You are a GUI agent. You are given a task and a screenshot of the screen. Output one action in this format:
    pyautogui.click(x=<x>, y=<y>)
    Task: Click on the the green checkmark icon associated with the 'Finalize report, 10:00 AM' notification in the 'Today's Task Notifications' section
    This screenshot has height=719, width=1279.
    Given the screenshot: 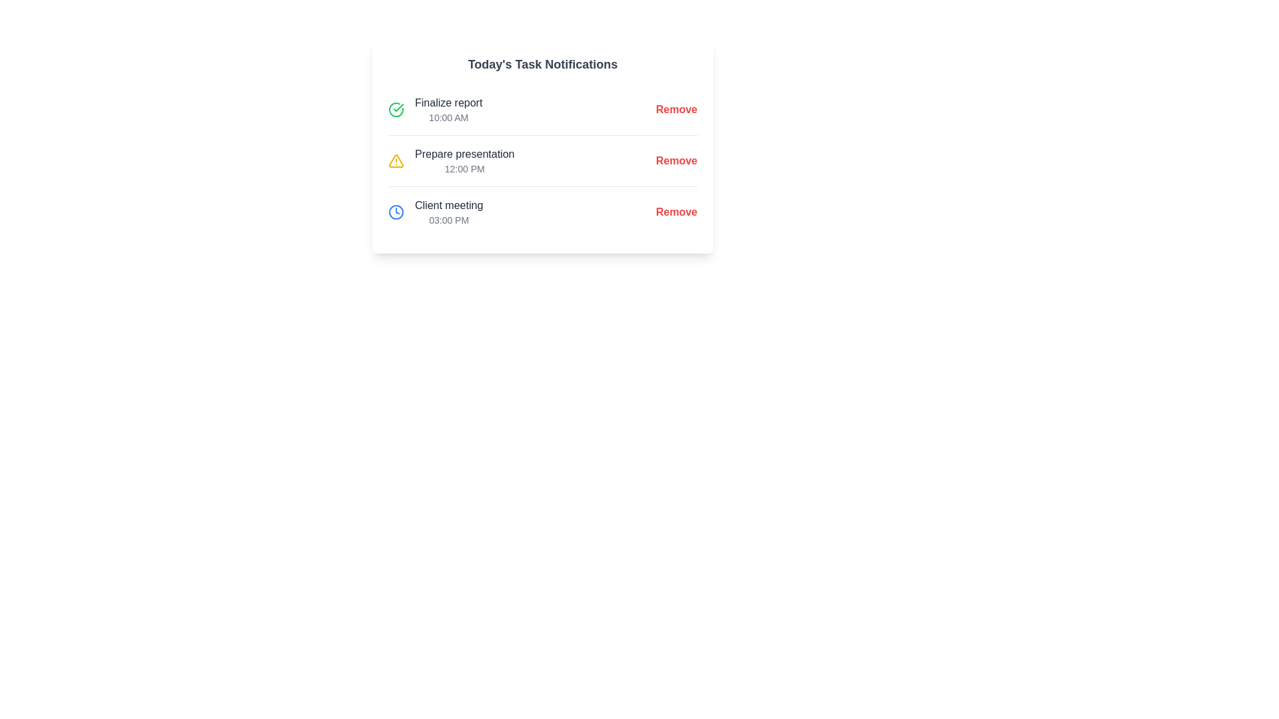 What is the action you would take?
    pyautogui.click(x=398, y=107)
    